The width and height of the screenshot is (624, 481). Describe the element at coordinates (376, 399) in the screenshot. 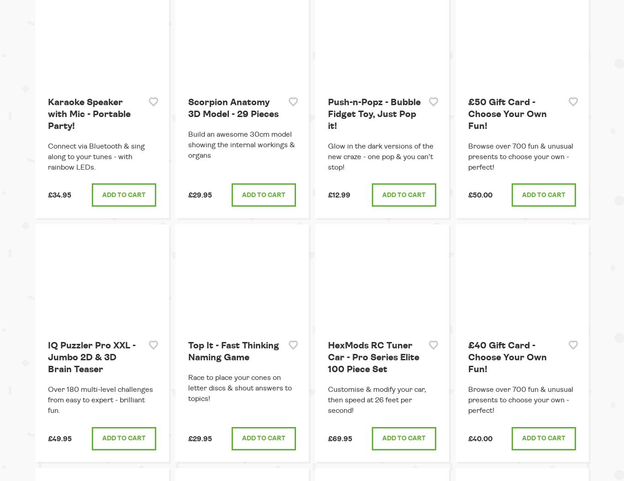

I see `'Customise & modify your car, then speed at 26 feet per second!'` at that location.